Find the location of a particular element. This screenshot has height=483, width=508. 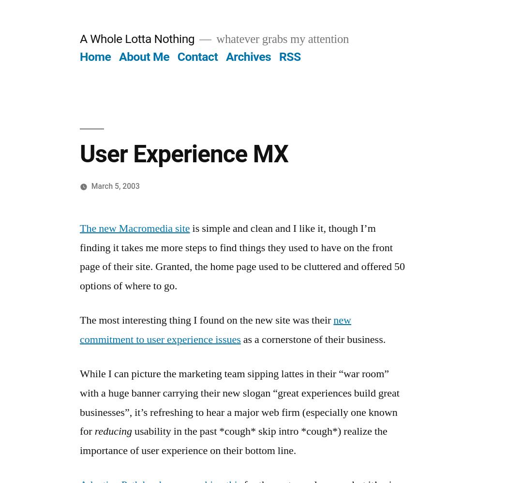

'RSS' is located at coordinates (289, 56).